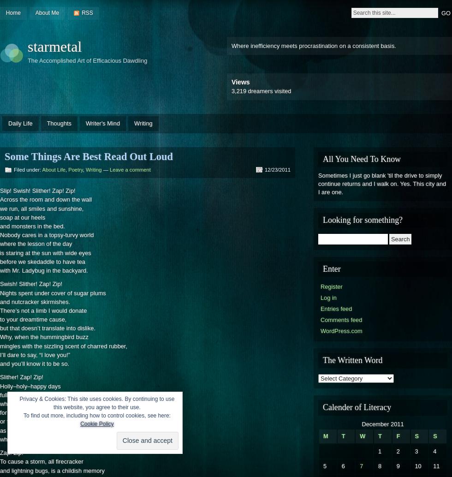 Image resolution: width=452 pixels, height=477 pixels. I want to click on 'to your dreamtime cause,', so click(33, 319).